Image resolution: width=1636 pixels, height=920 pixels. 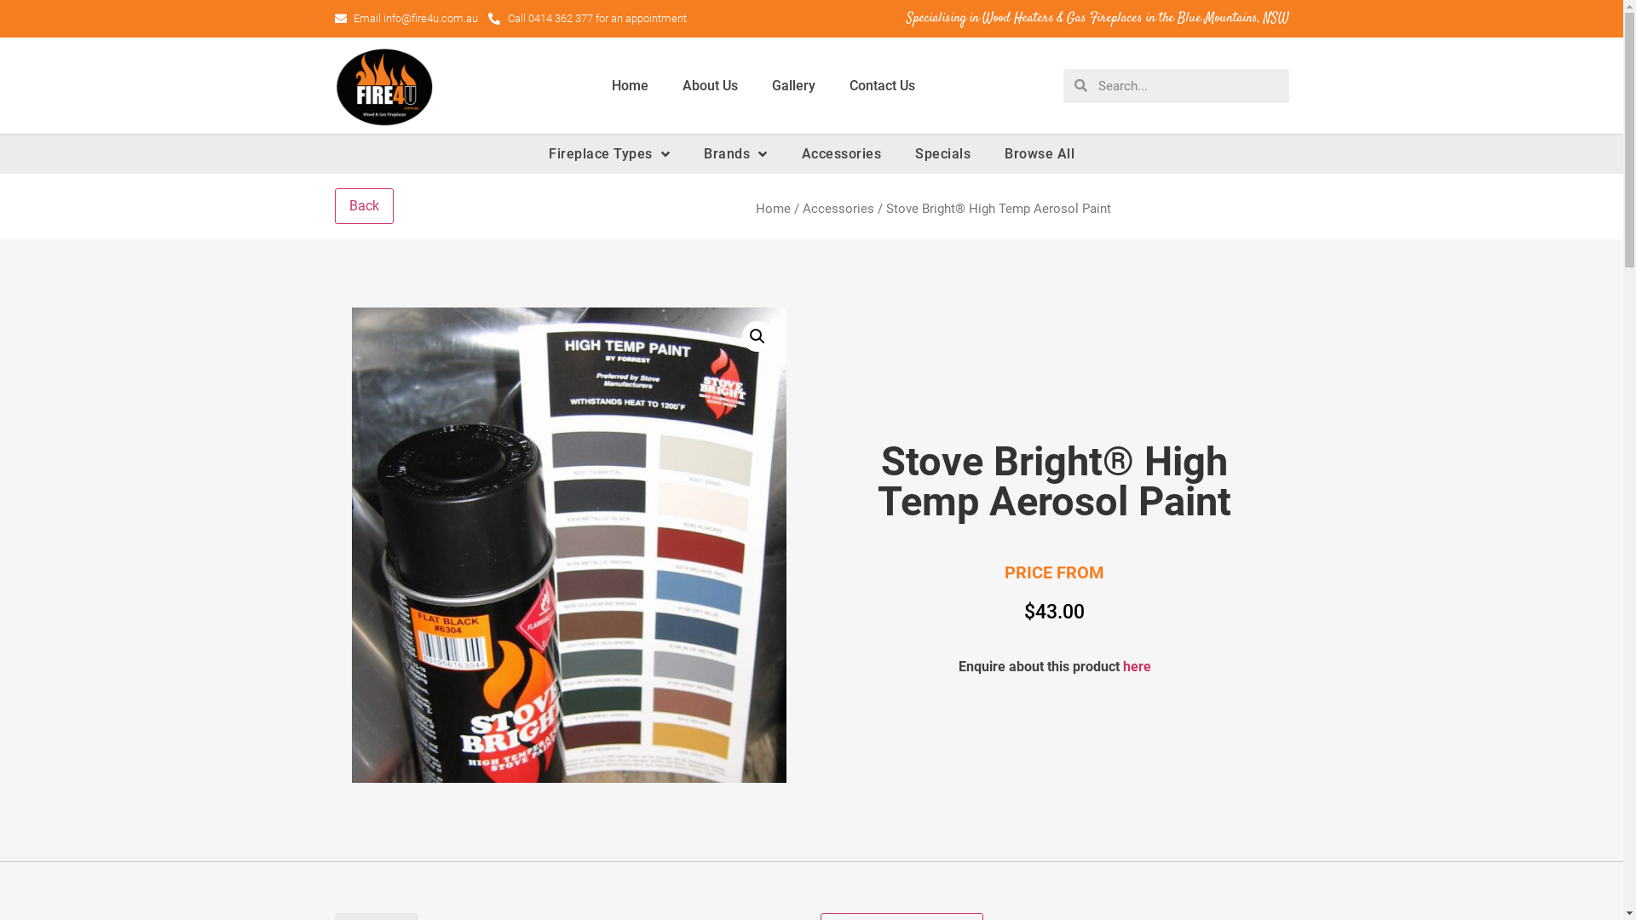 What do you see at coordinates (1038, 154) in the screenshot?
I see `'Browse All'` at bounding box center [1038, 154].